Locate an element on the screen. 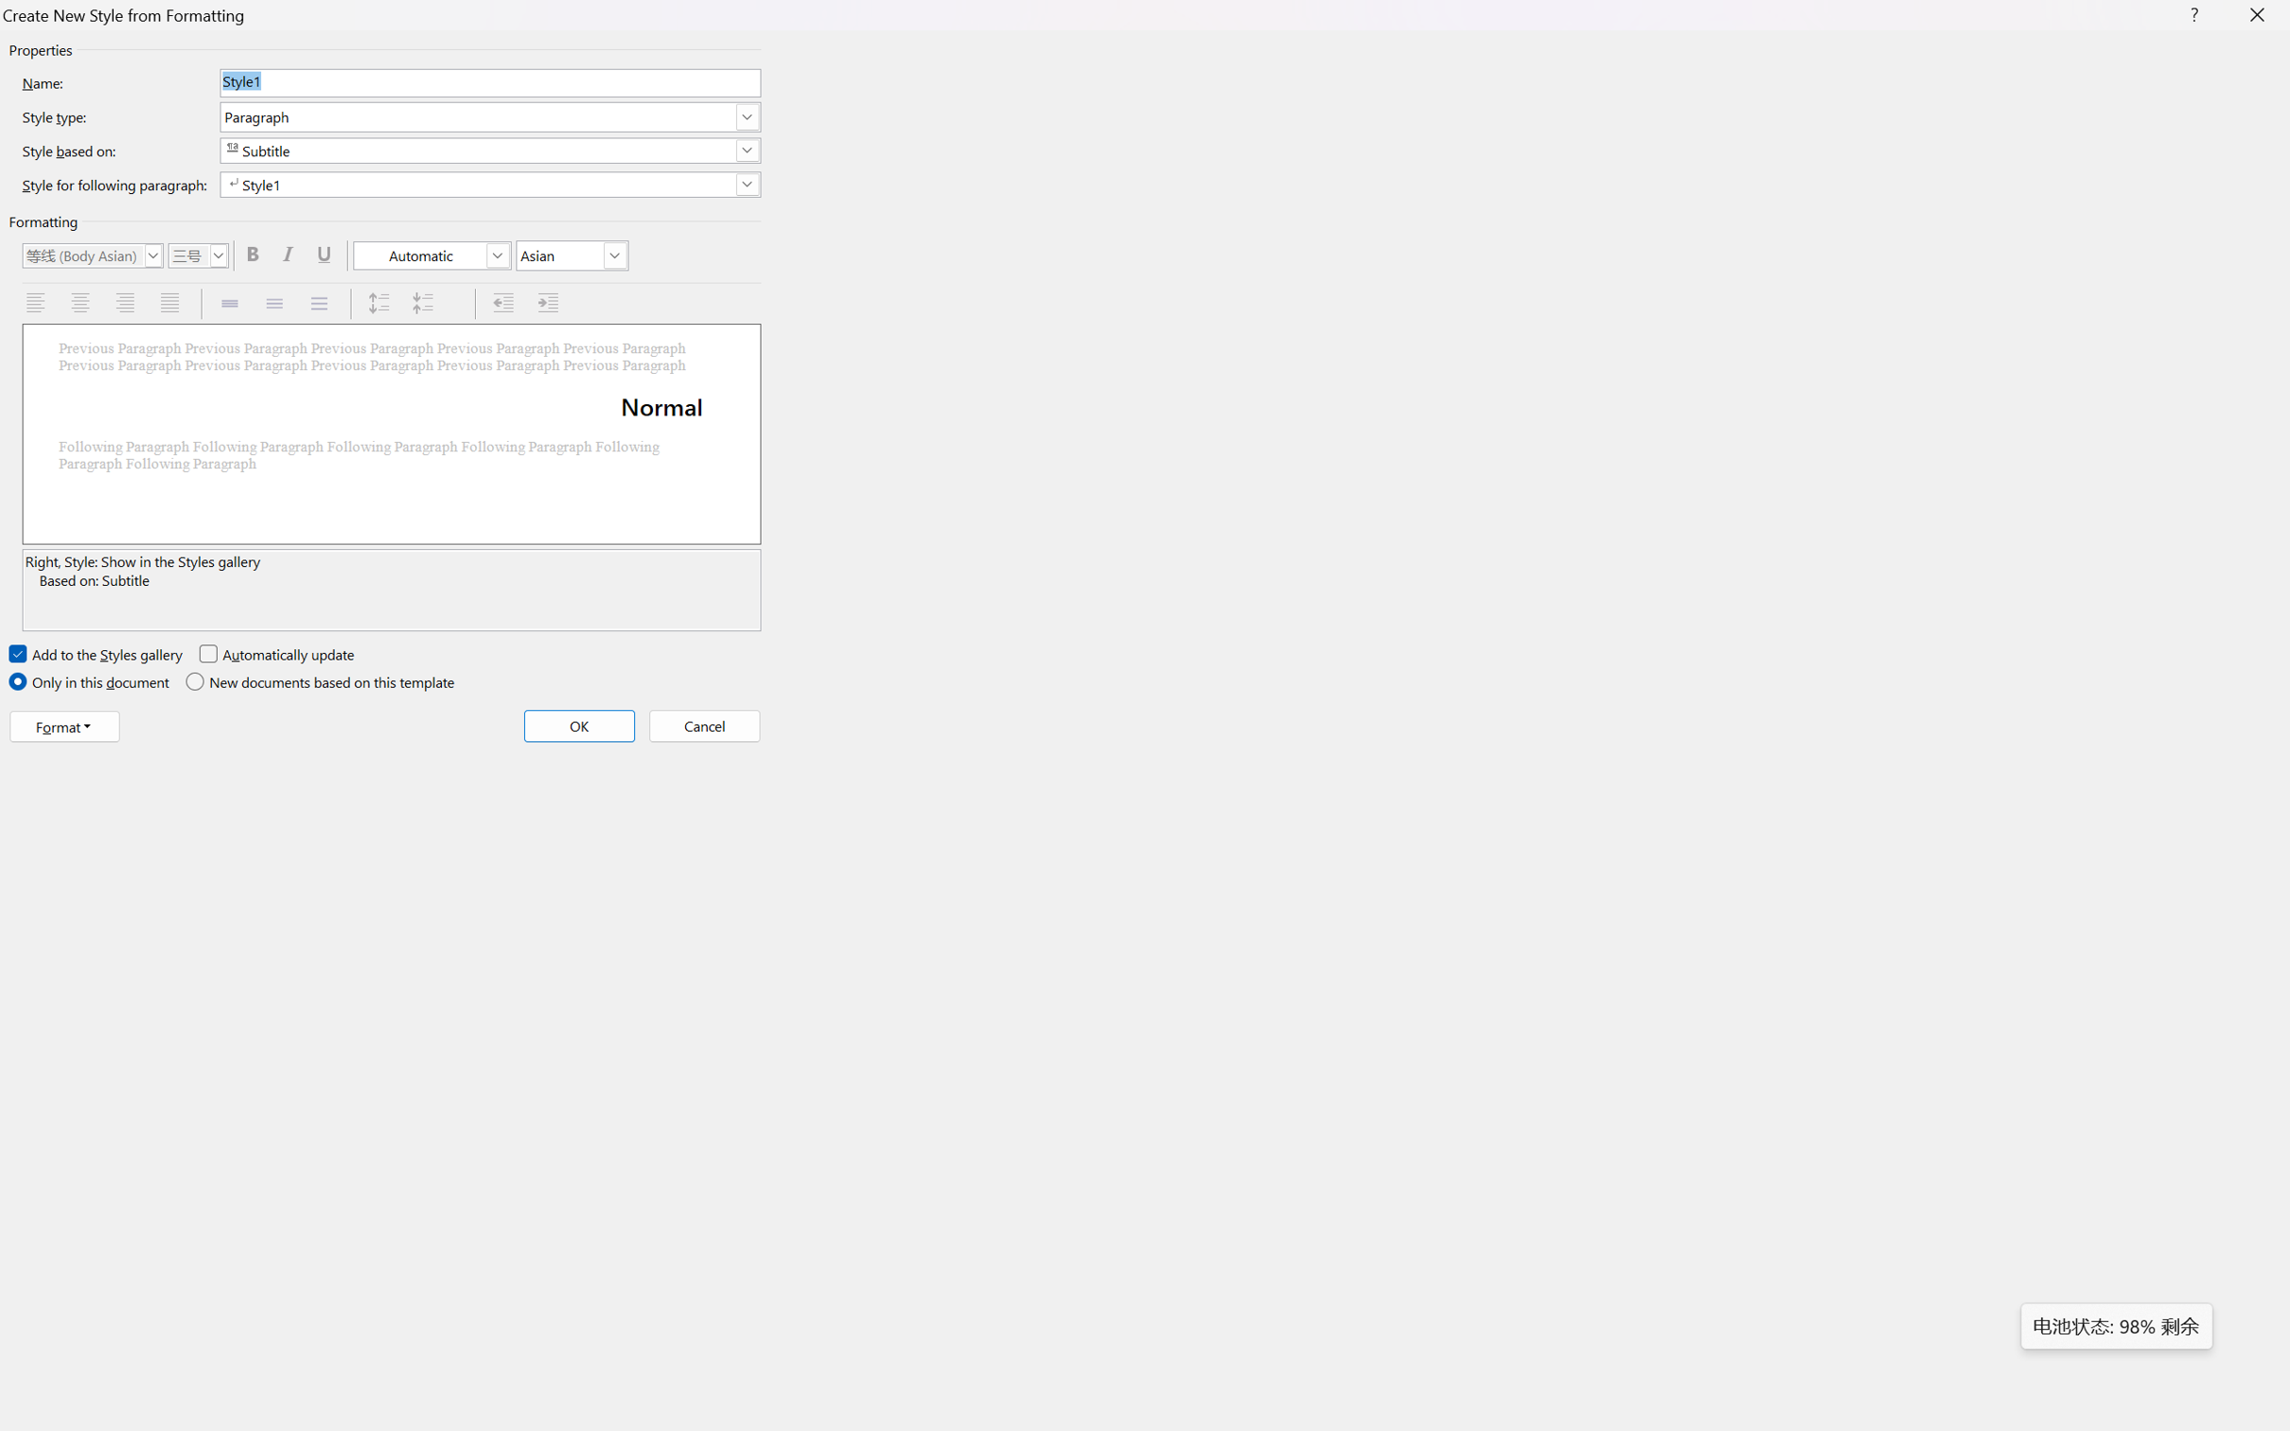  'Formatting script' is located at coordinates (572, 254).